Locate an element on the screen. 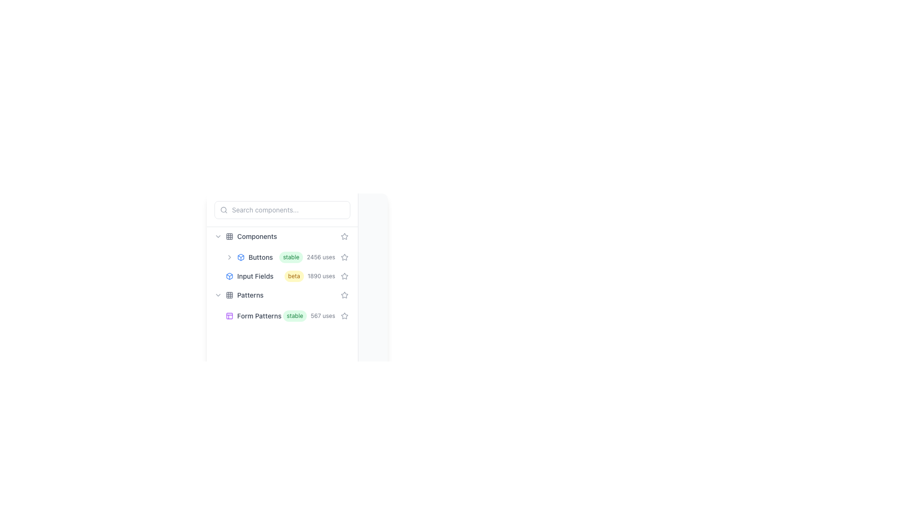  the star-shaped icon next to the 'Input Fields' label is located at coordinates (344, 276).